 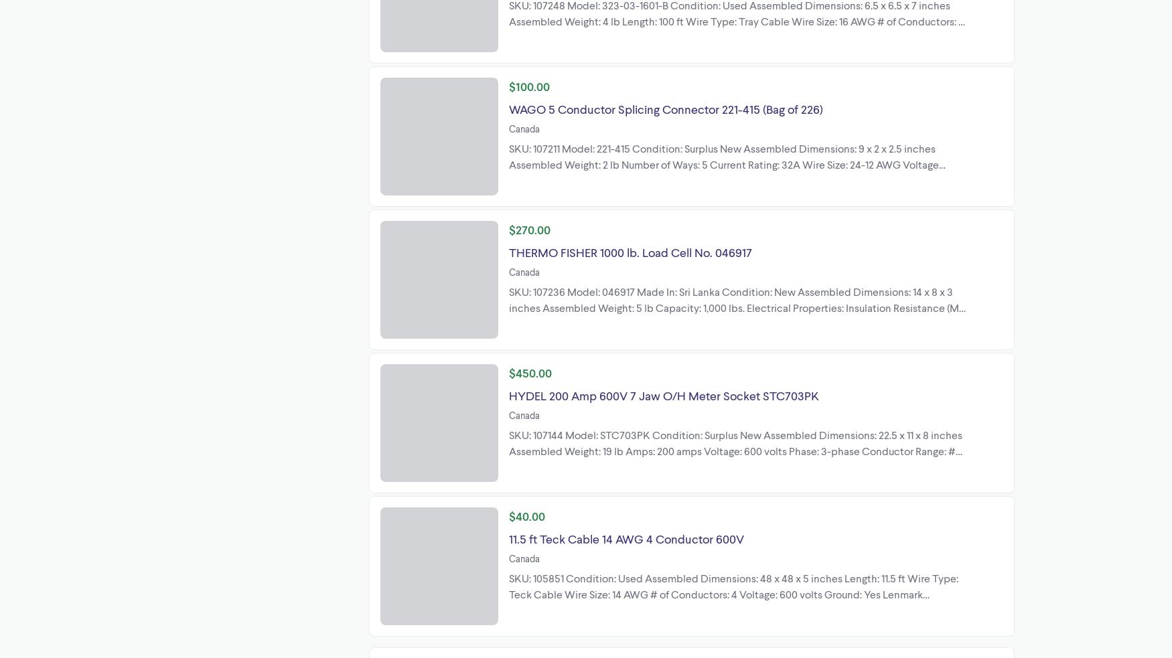 I want to click on '11.5 ft Teck Cable 14 AWG 4 Conductor 600V', so click(x=626, y=537).